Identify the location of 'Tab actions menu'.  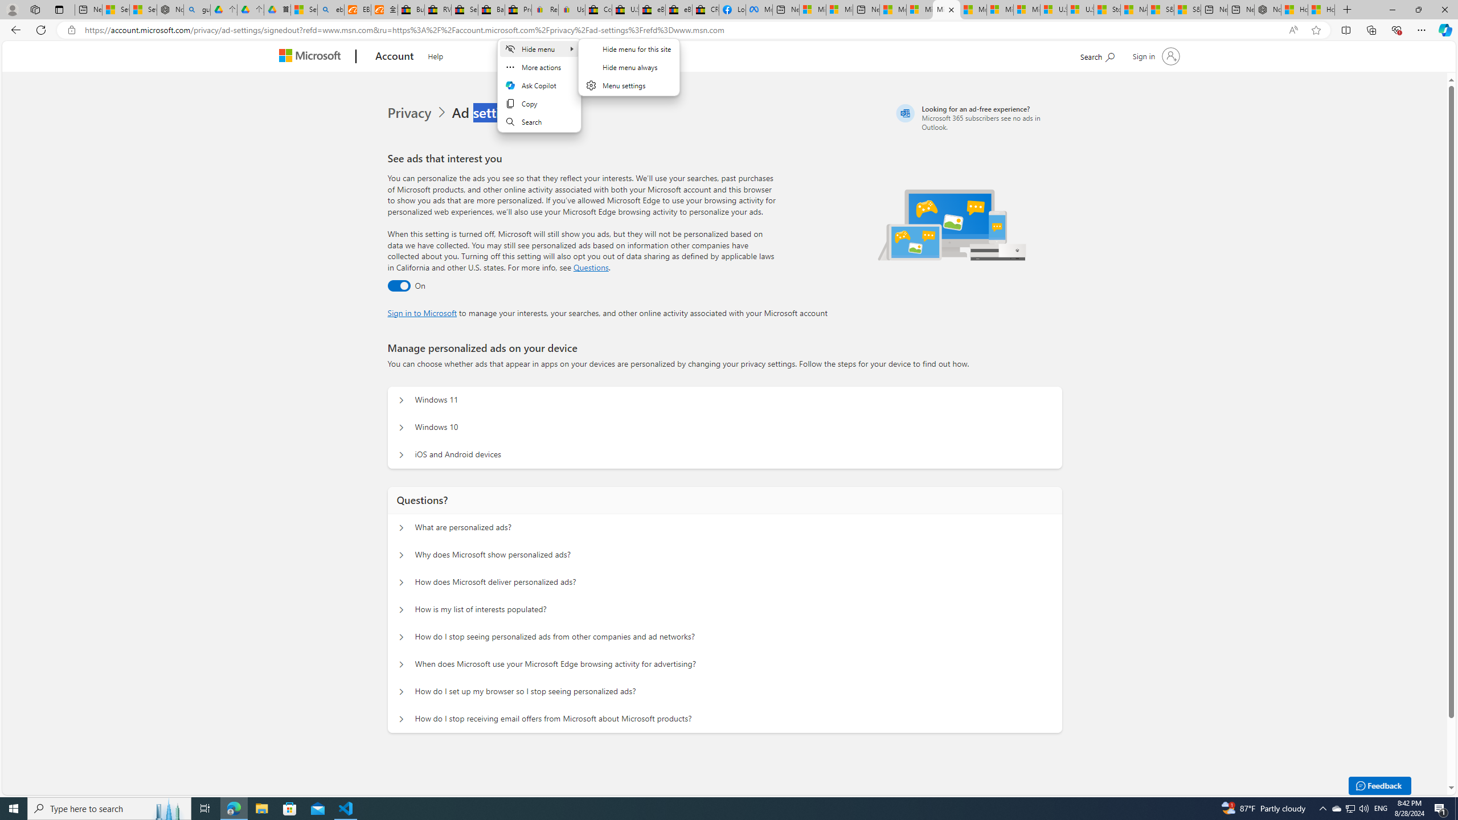
(58, 9).